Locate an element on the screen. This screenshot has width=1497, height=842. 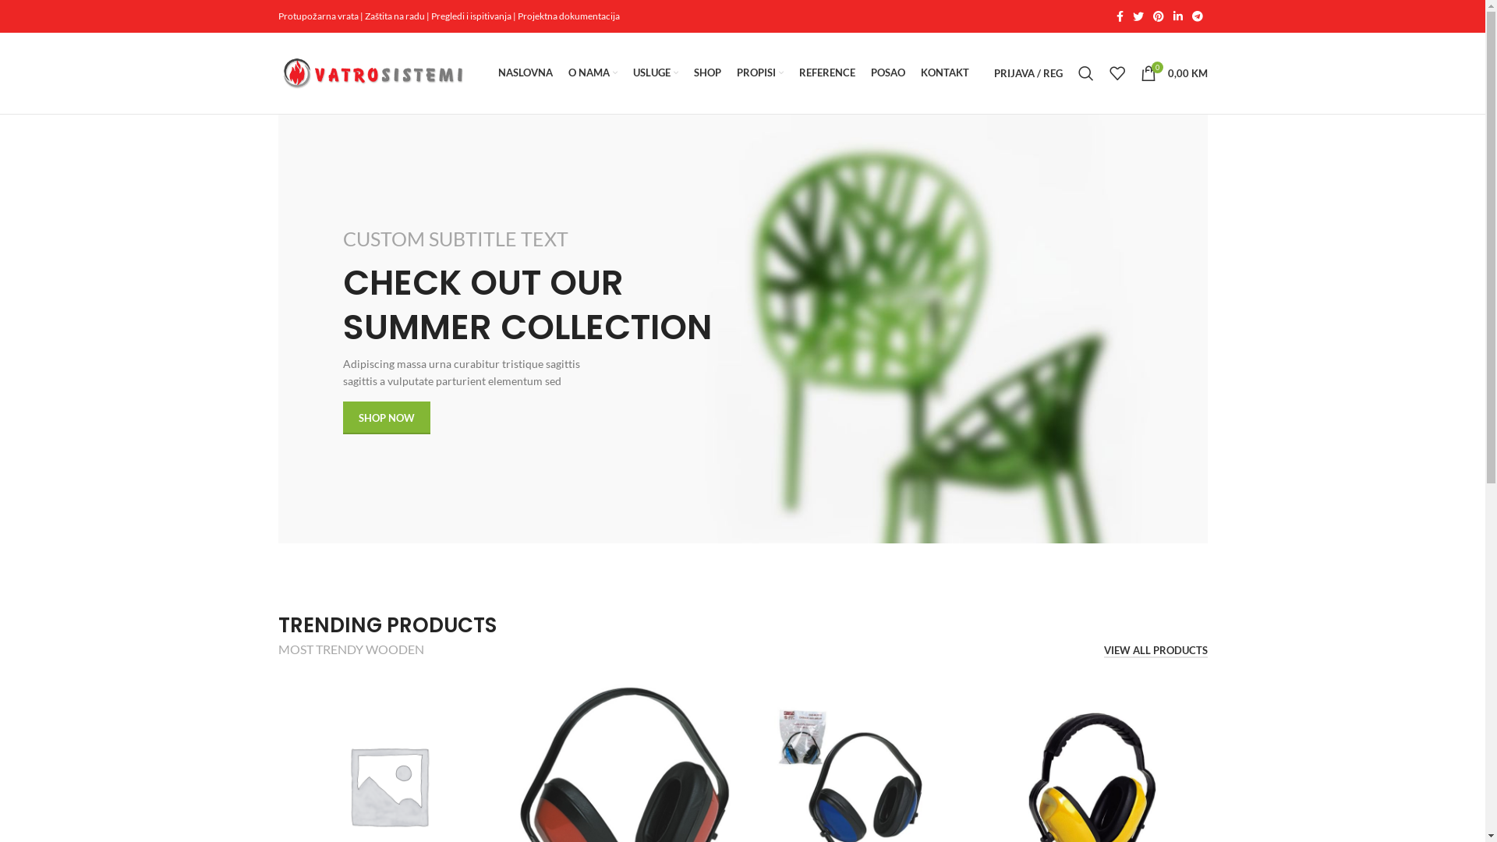
'Search' is located at coordinates (1085, 73).